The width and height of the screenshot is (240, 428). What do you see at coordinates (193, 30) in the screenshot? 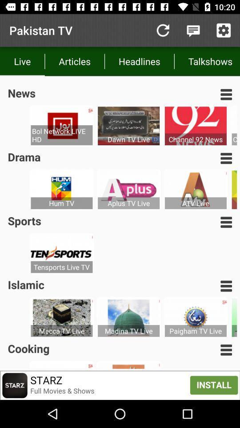
I see `item above the talkshows icon` at bounding box center [193, 30].